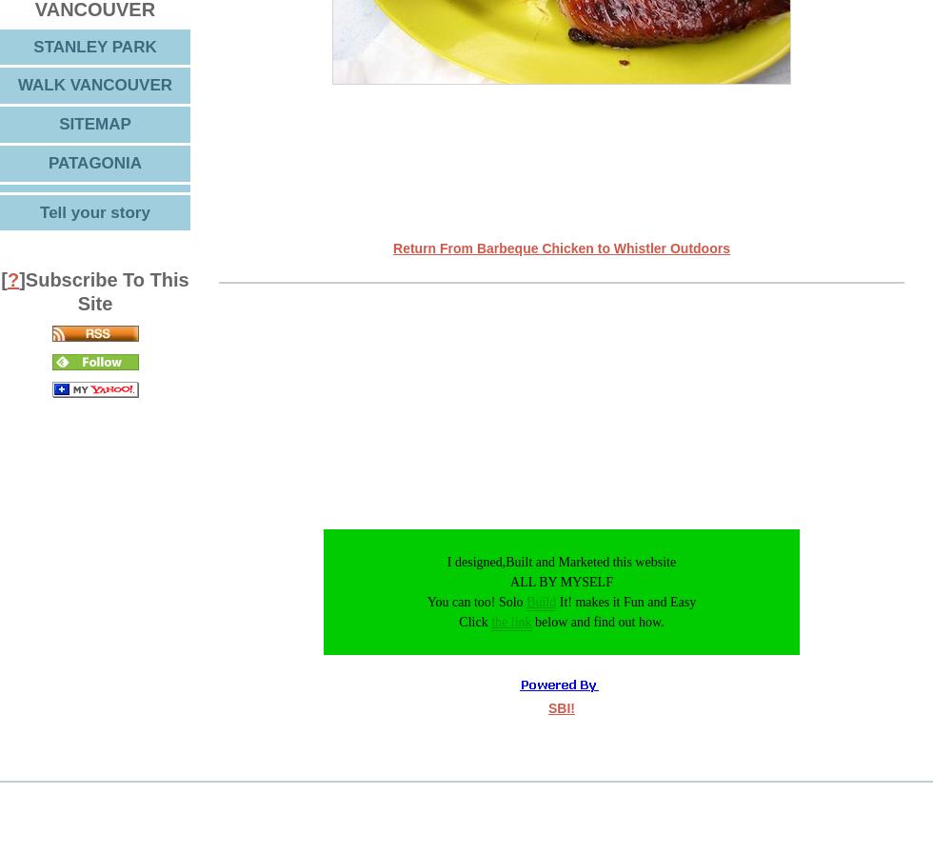 This screenshot has height=854, width=933. I want to click on 'Build', so click(526, 601).